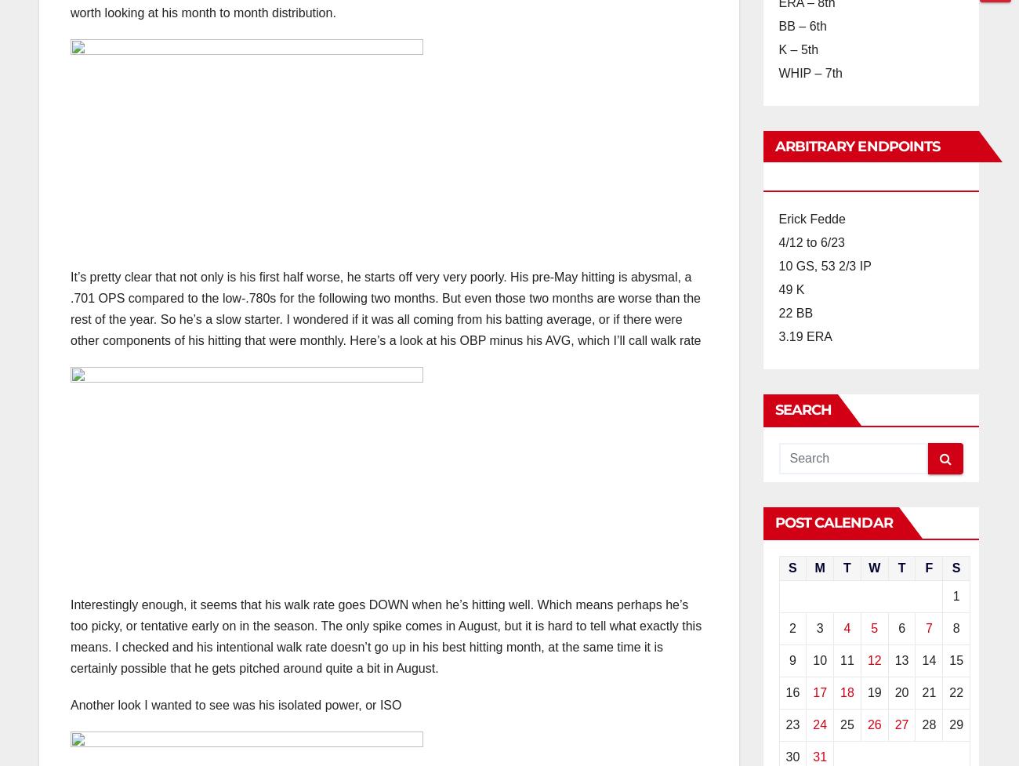 The width and height of the screenshot is (1019, 766). Describe the element at coordinates (839, 724) in the screenshot. I see `'25'` at that location.